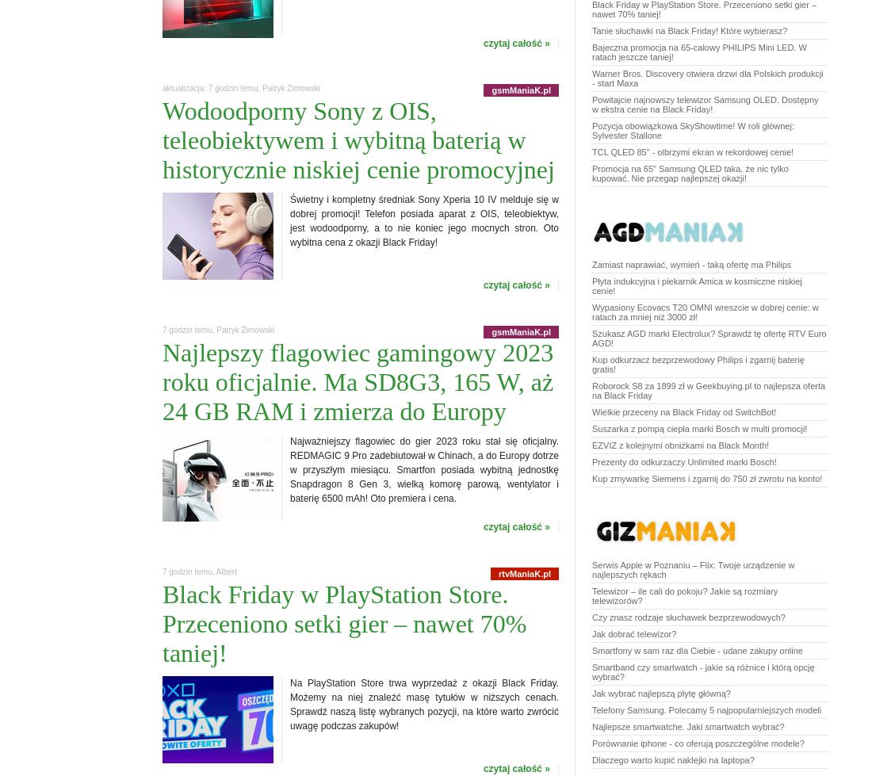 Image resolution: width=872 pixels, height=776 pixels. Describe the element at coordinates (691, 130) in the screenshot. I see `'Pozycja obowiązkowa SkyShowtime! W roli głównej: Sylvester Stallone'` at that location.